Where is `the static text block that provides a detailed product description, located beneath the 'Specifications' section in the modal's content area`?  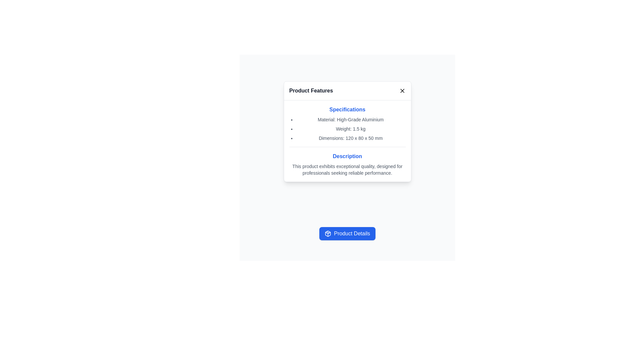 the static text block that provides a detailed product description, located beneath the 'Specifications' section in the modal's content area is located at coordinates (347, 161).